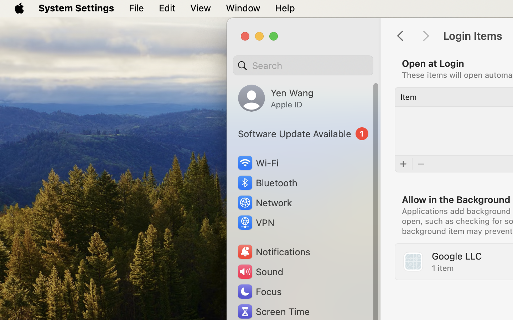  I want to click on 'Google LLC', so click(457, 256).